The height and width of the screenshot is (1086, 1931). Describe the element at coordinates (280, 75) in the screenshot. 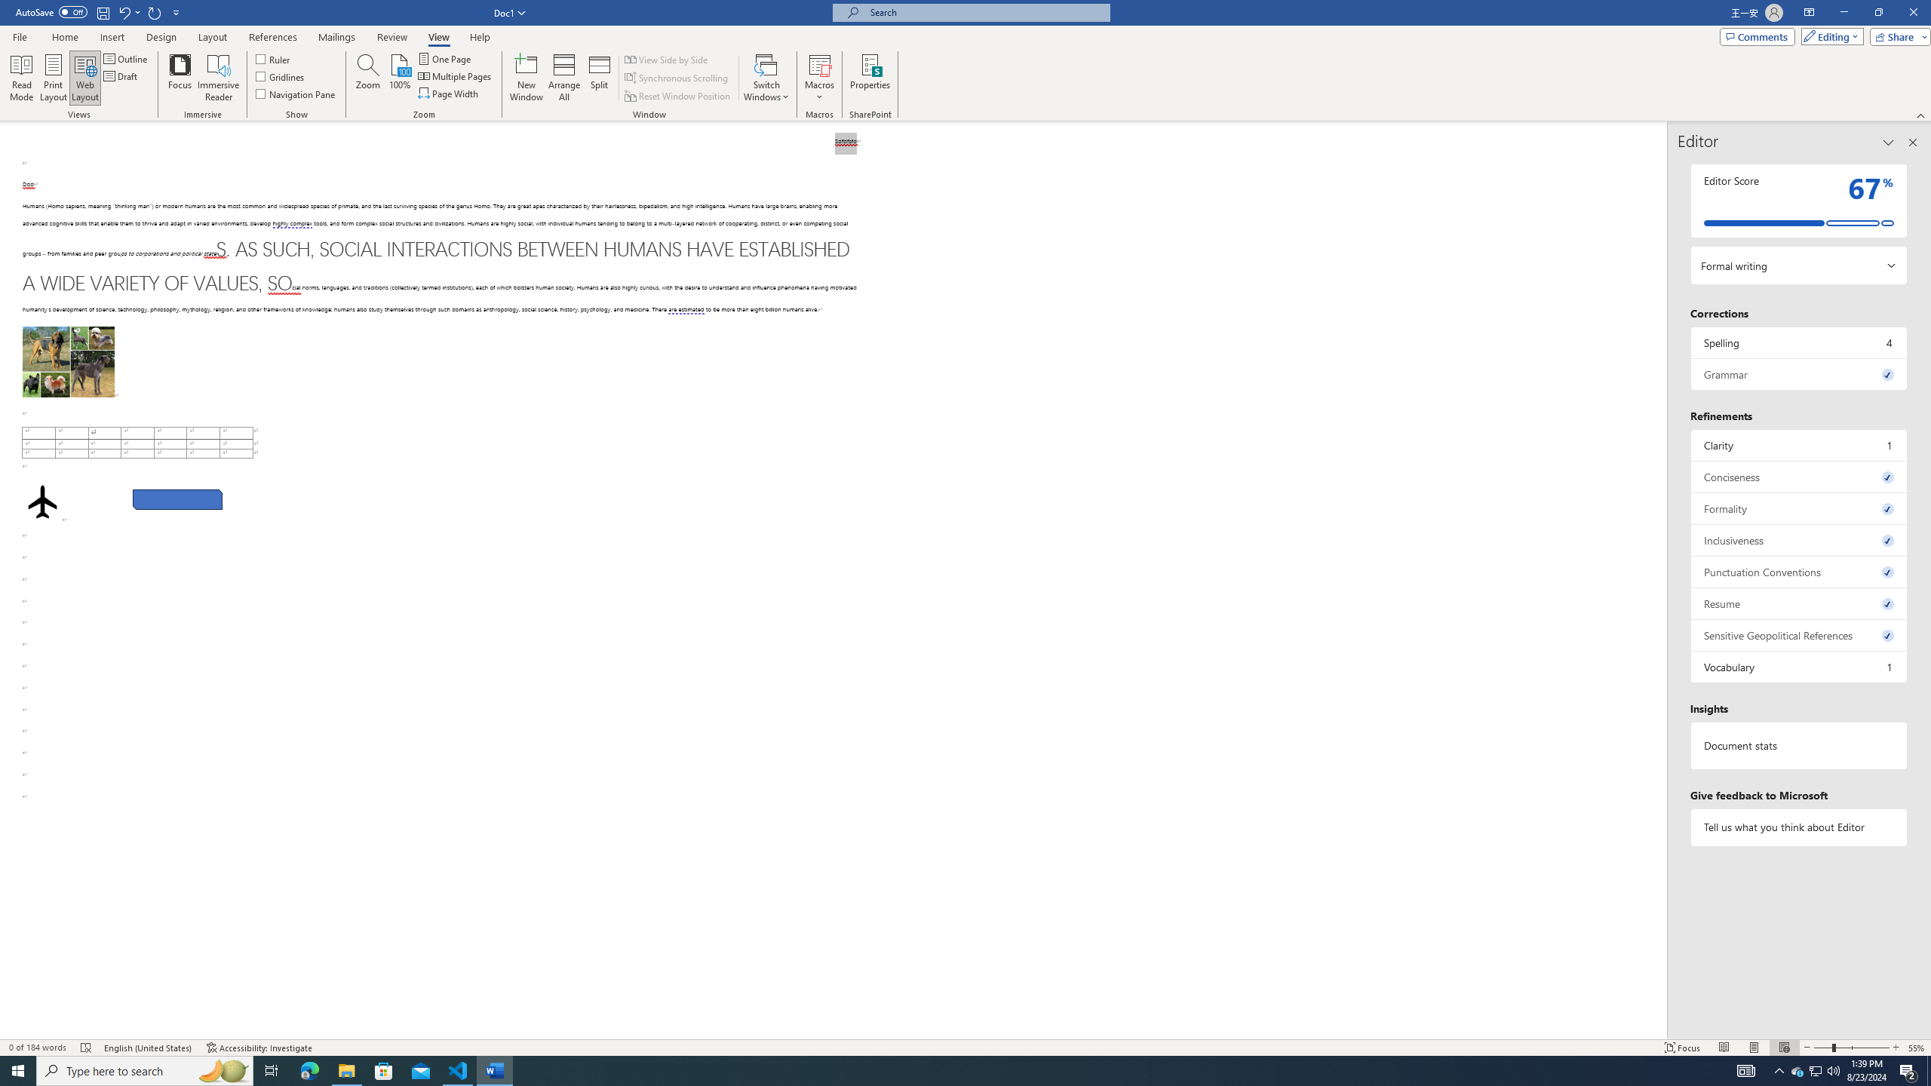

I see `'Gridlines'` at that location.